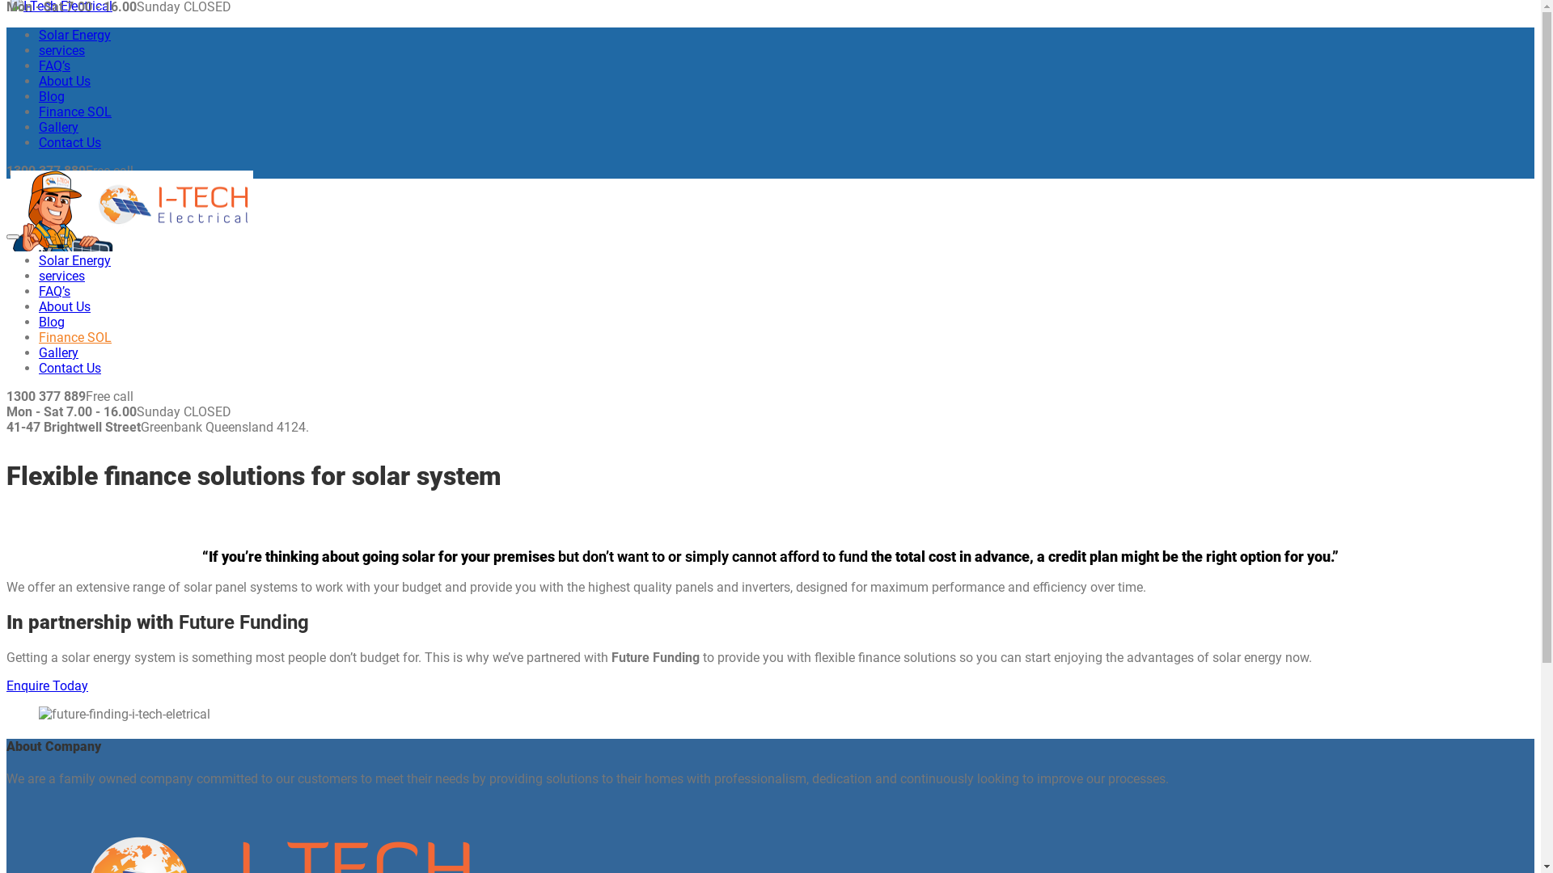  I want to click on 'About Us', so click(65, 81).